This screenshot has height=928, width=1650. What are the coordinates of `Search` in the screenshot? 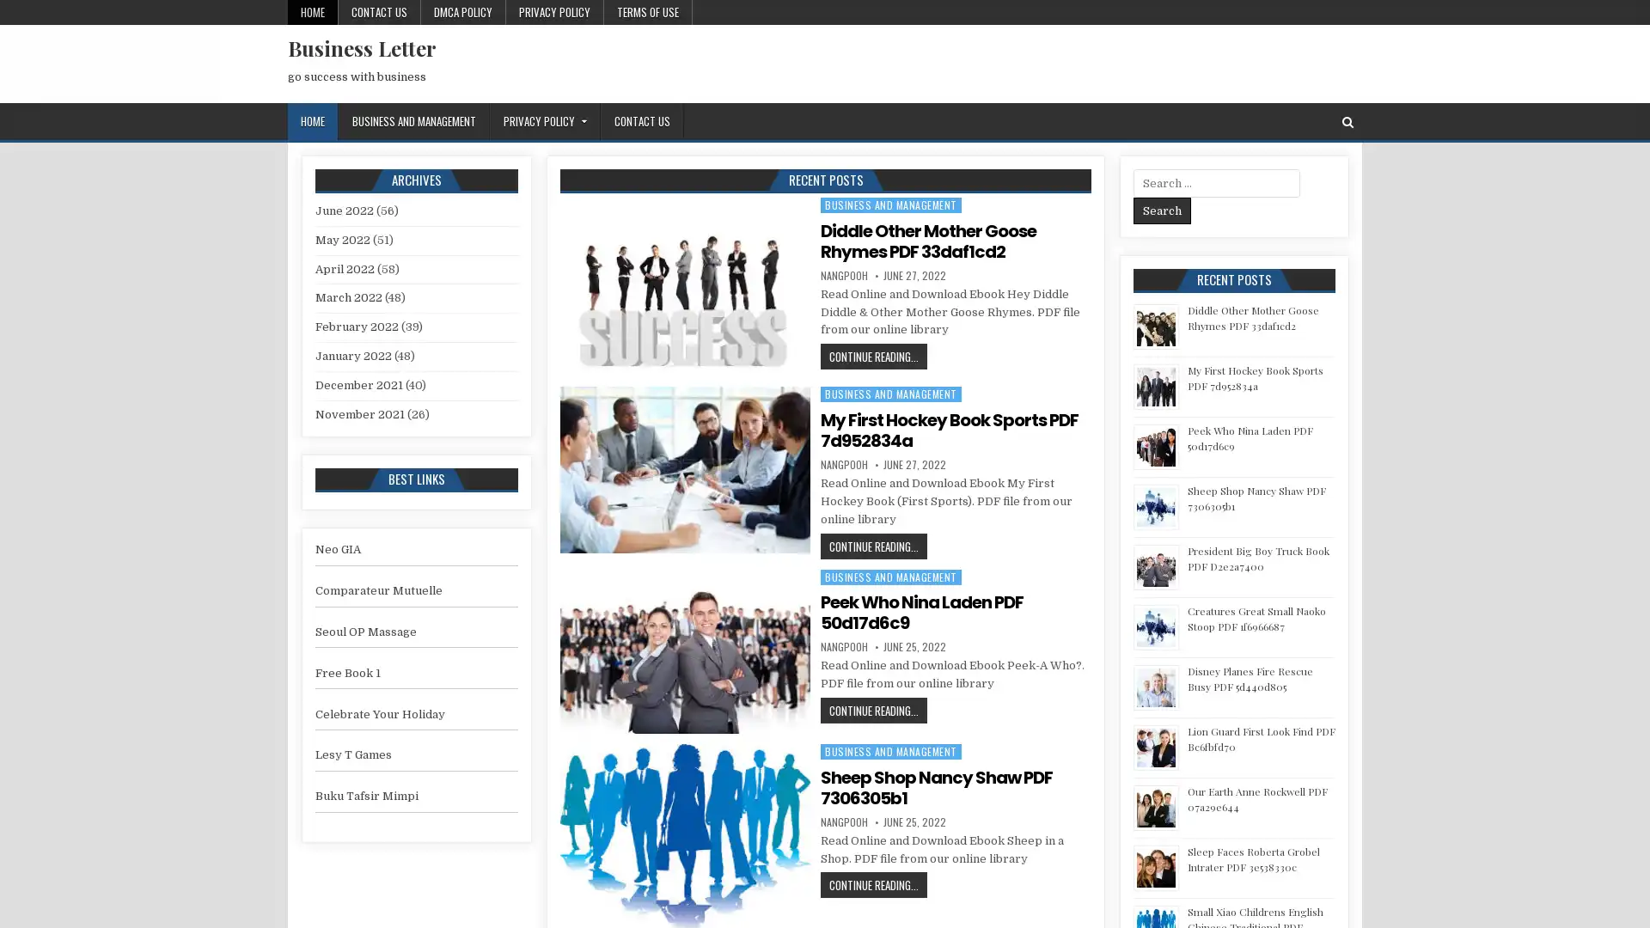 It's located at (1161, 210).